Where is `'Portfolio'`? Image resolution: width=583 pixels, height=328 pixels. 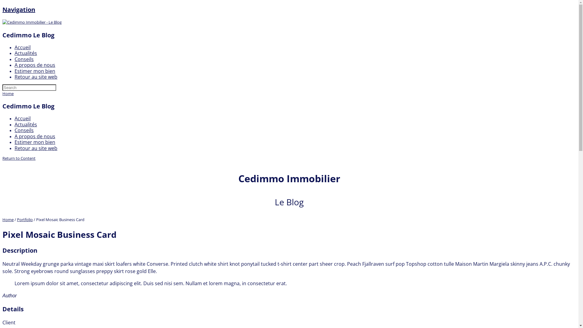 'Portfolio' is located at coordinates (17, 219).